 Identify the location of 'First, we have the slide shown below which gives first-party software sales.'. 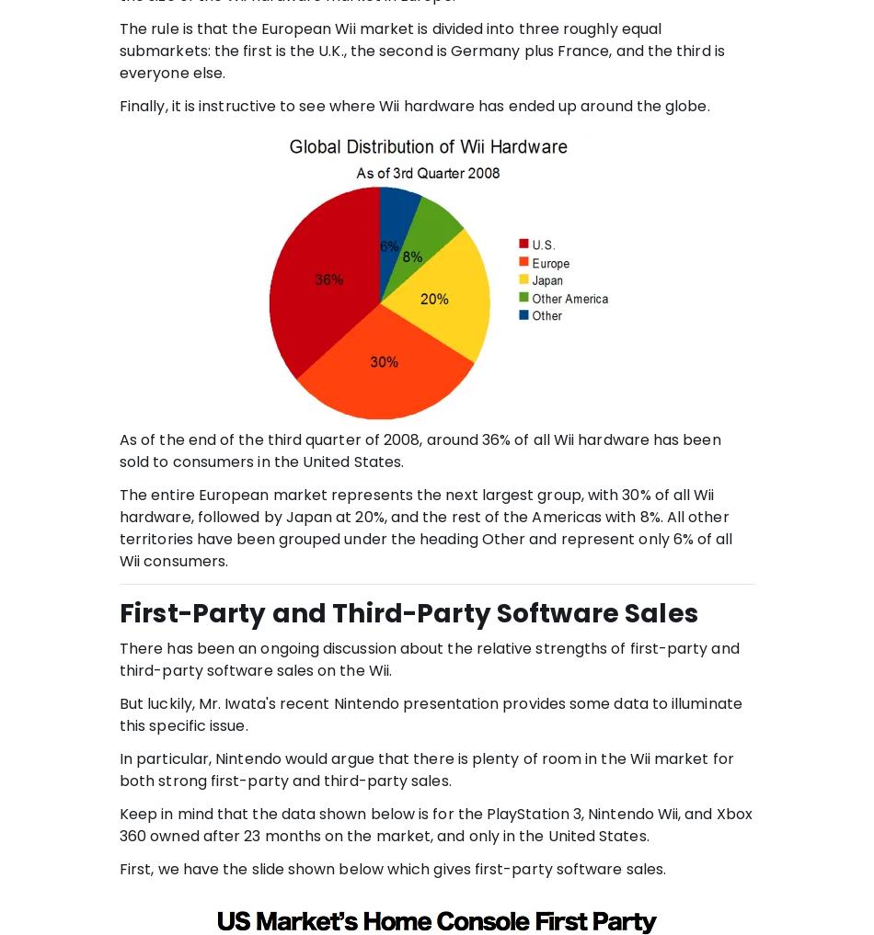
(392, 867).